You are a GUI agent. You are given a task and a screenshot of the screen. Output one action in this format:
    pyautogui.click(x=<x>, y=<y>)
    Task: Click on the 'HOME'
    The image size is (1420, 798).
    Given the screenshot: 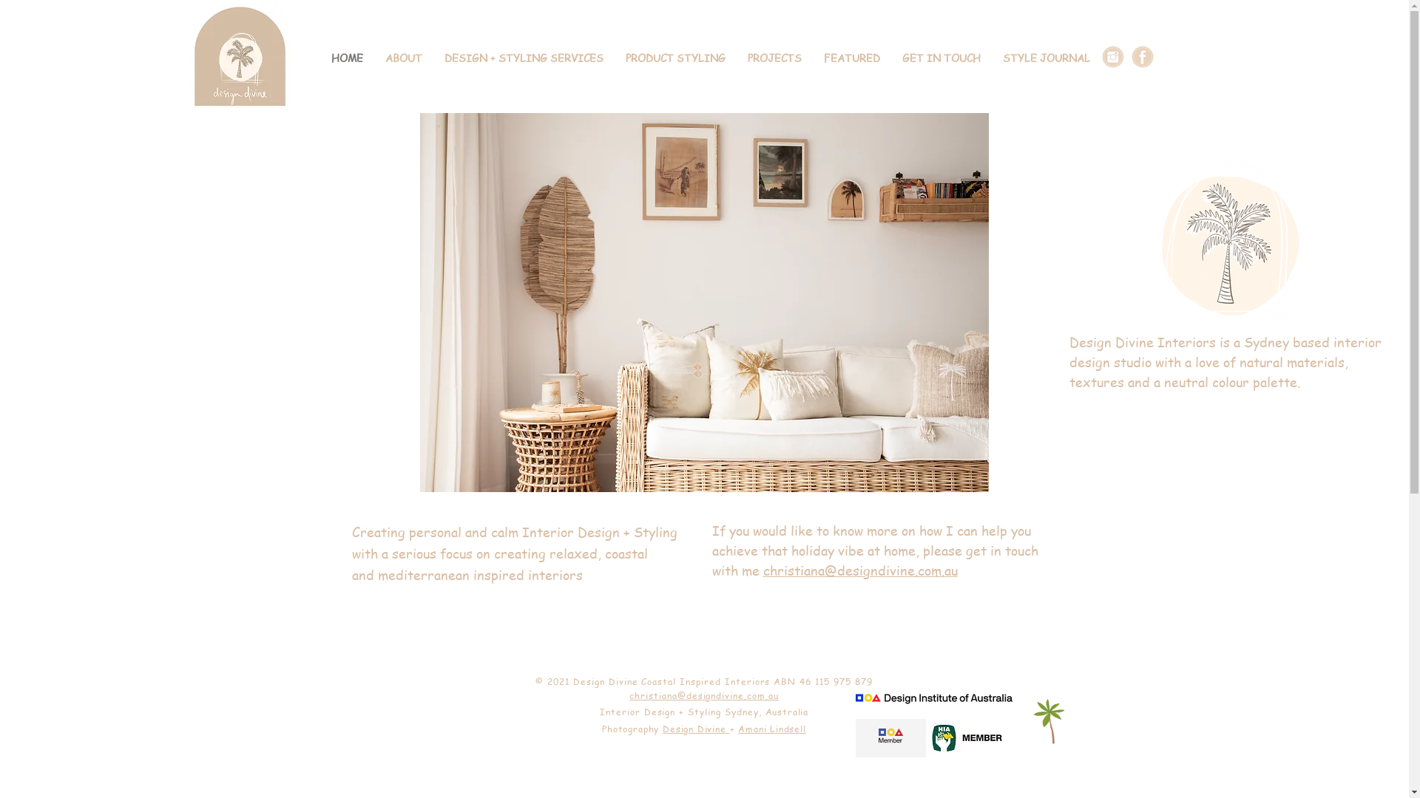 What is the action you would take?
    pyautogui.click(x=346, y=57)
    